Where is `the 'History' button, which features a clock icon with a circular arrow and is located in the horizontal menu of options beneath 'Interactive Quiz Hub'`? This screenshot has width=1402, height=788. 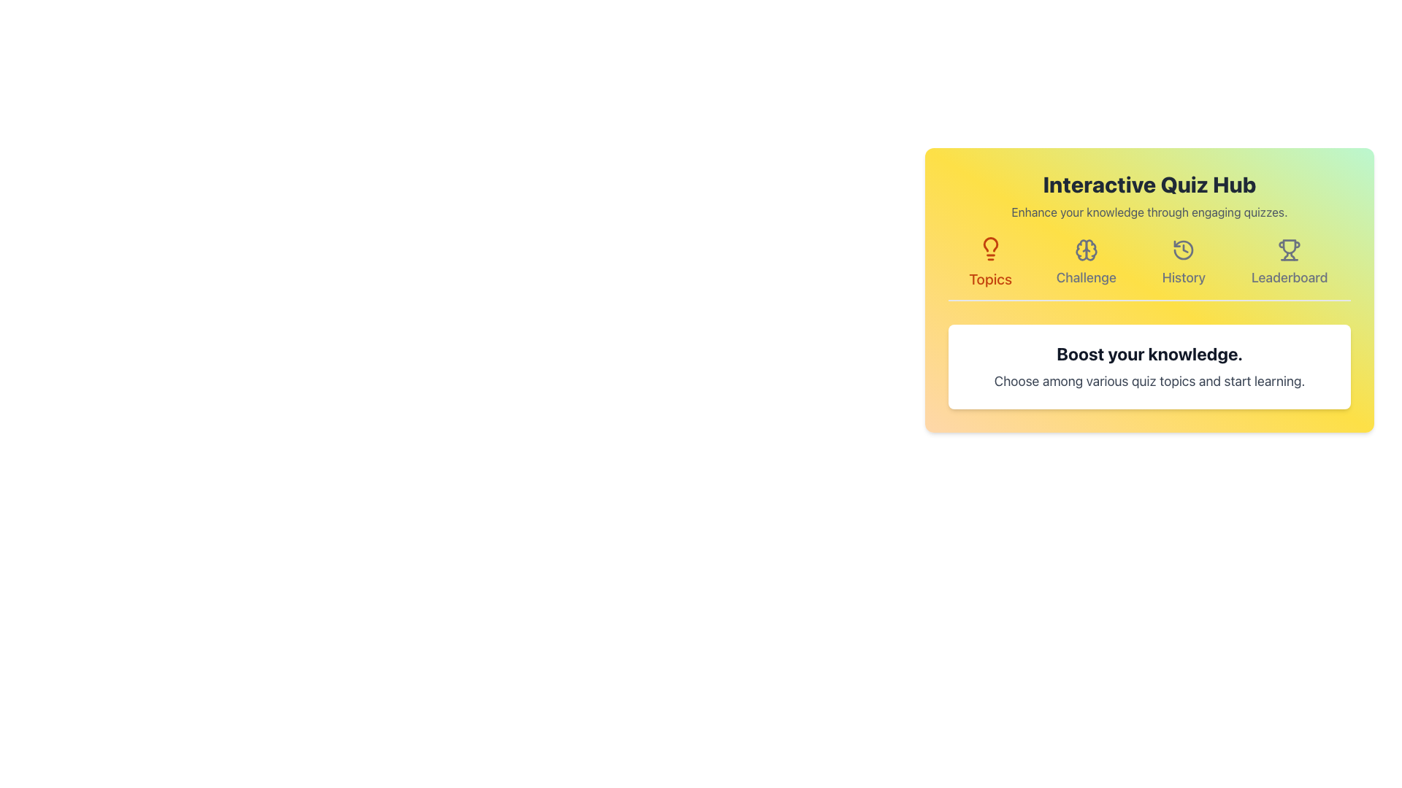
the 'History' button, which features a clock icon with a circular arrow and is located in the horizontal menu of options beneath 'Interactive Quiz Hub' is located at coordinates (1184, 263).